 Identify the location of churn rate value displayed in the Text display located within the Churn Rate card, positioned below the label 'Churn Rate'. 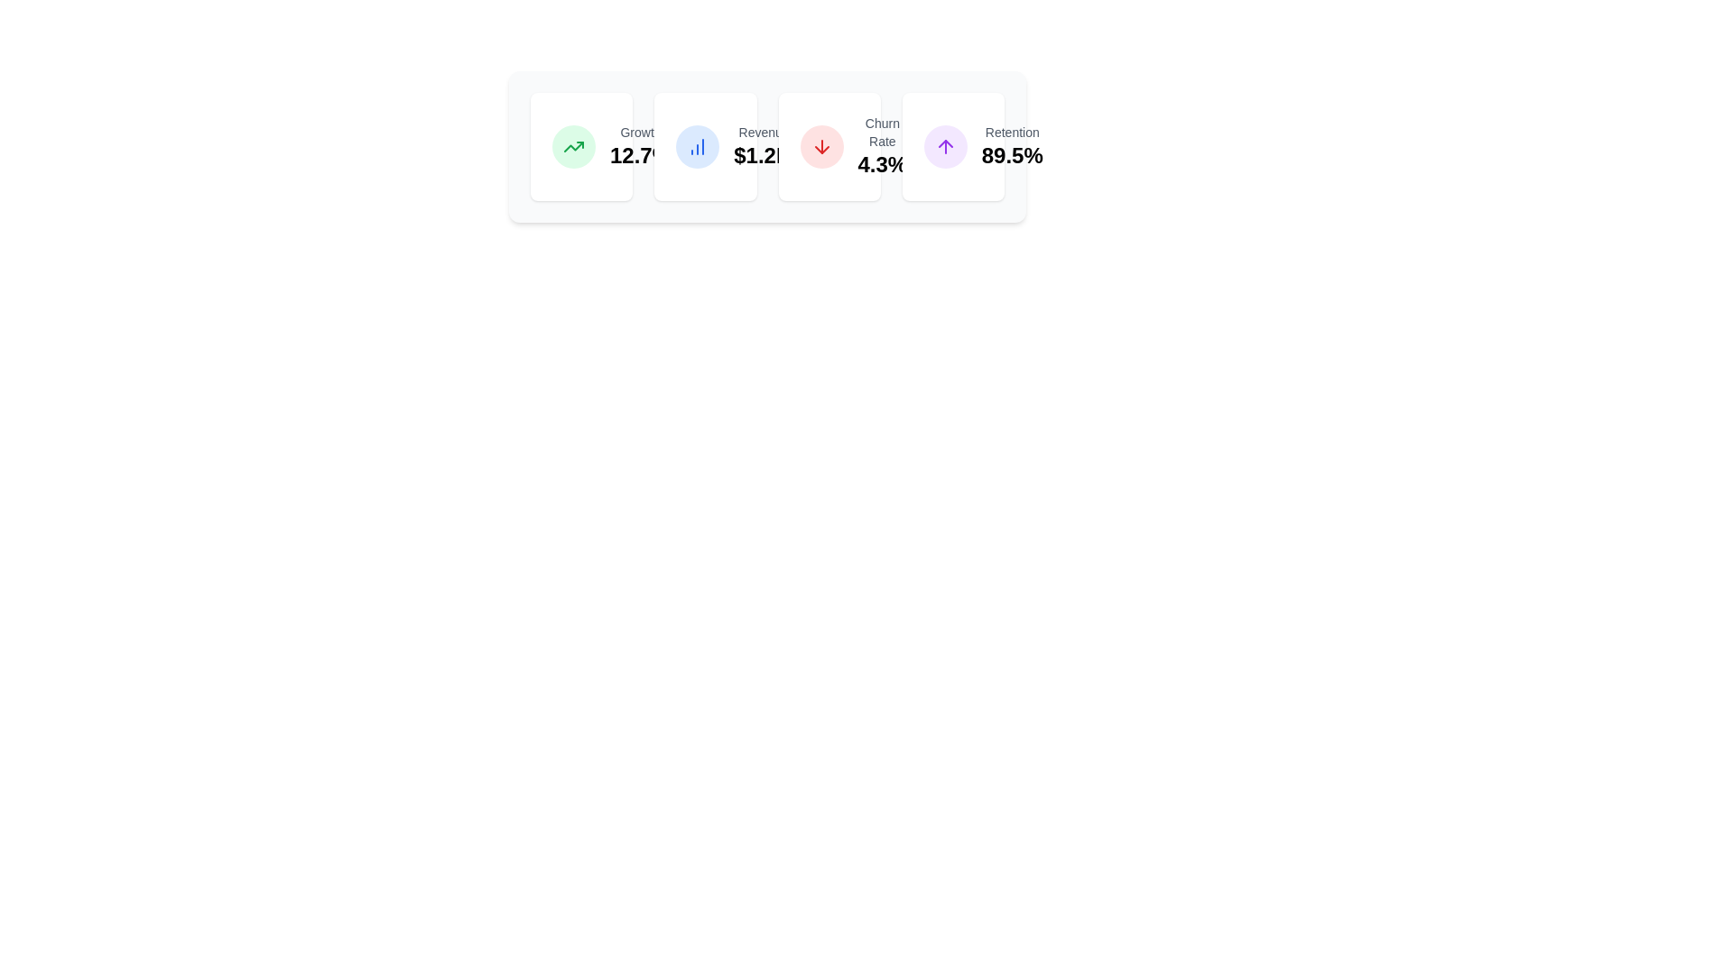
(882, 164).